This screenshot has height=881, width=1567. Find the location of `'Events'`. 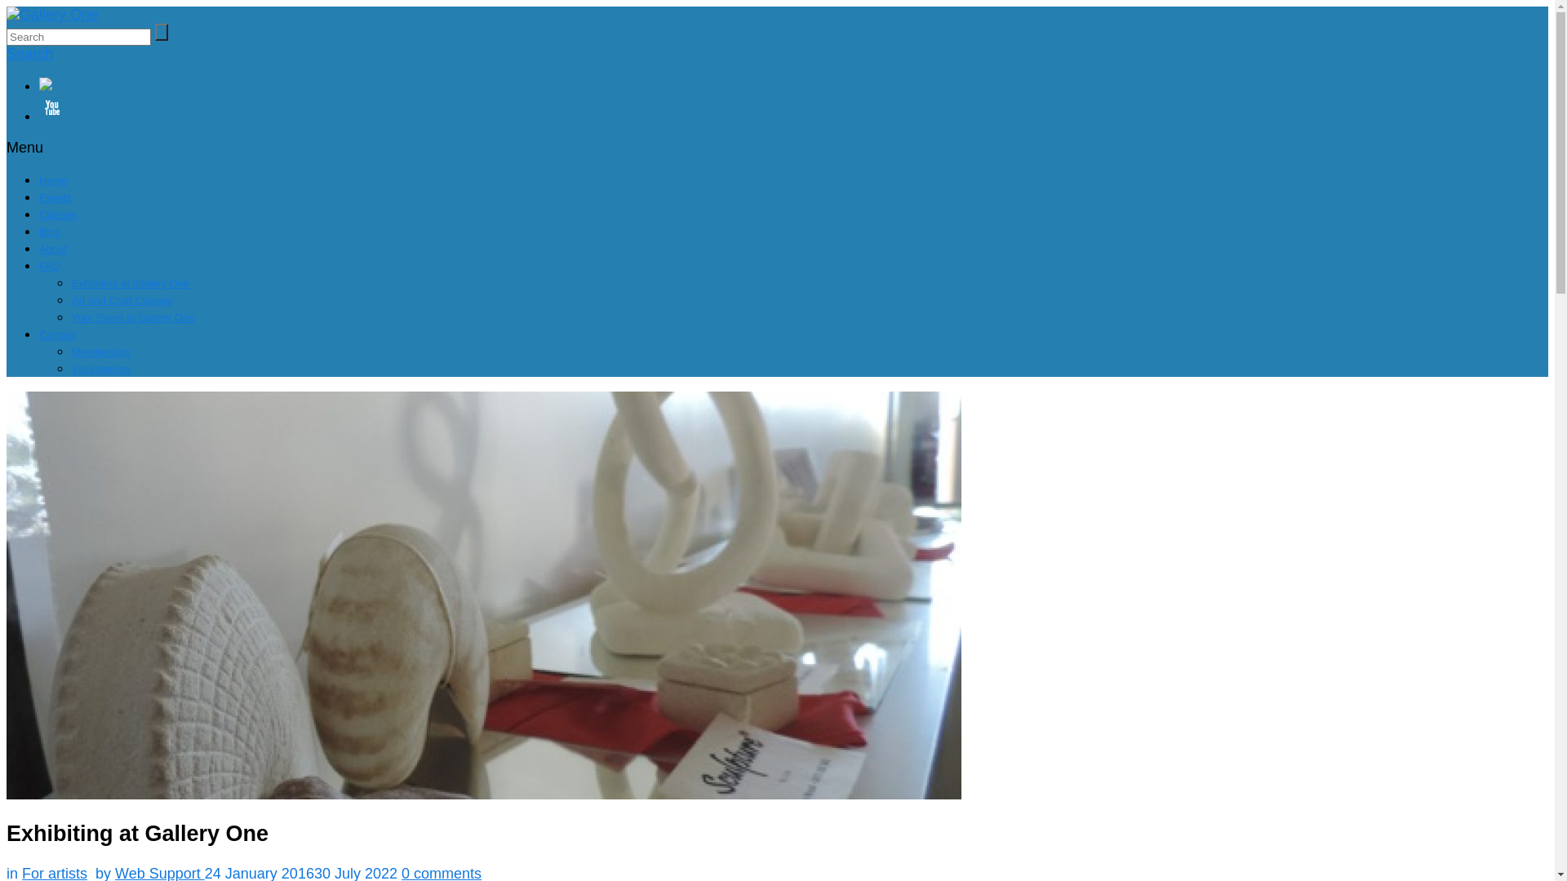

'Events' is located at coordinates (55, 197).